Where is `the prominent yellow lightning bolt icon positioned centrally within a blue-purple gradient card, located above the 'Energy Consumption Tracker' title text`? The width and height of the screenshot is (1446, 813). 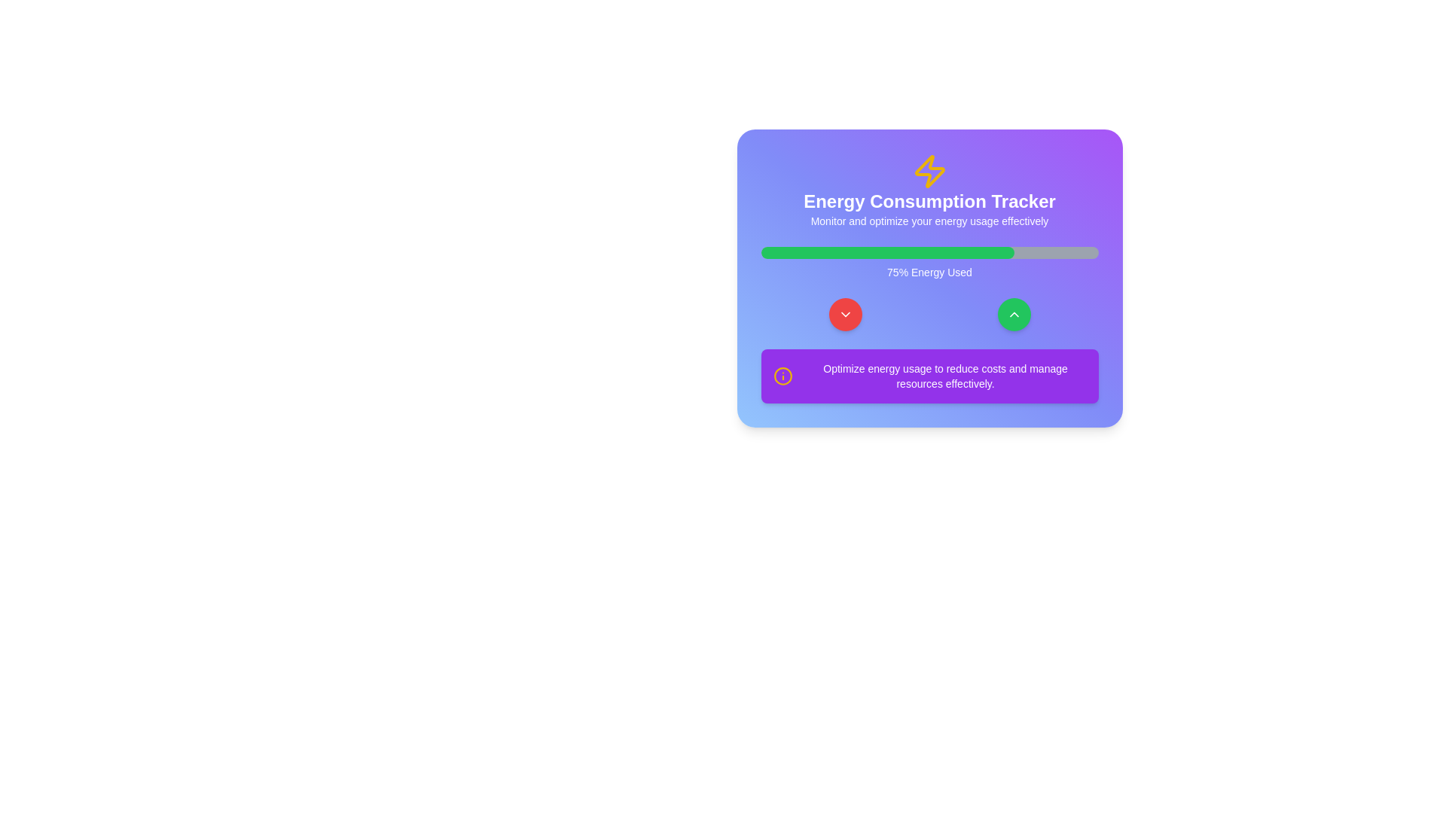 the prominent yellow lightning bolt icon positioned centrally within a blue-purple gradient card, located above the 'Energy Consumption Tracker' title text is located at coordinates (929, 170).